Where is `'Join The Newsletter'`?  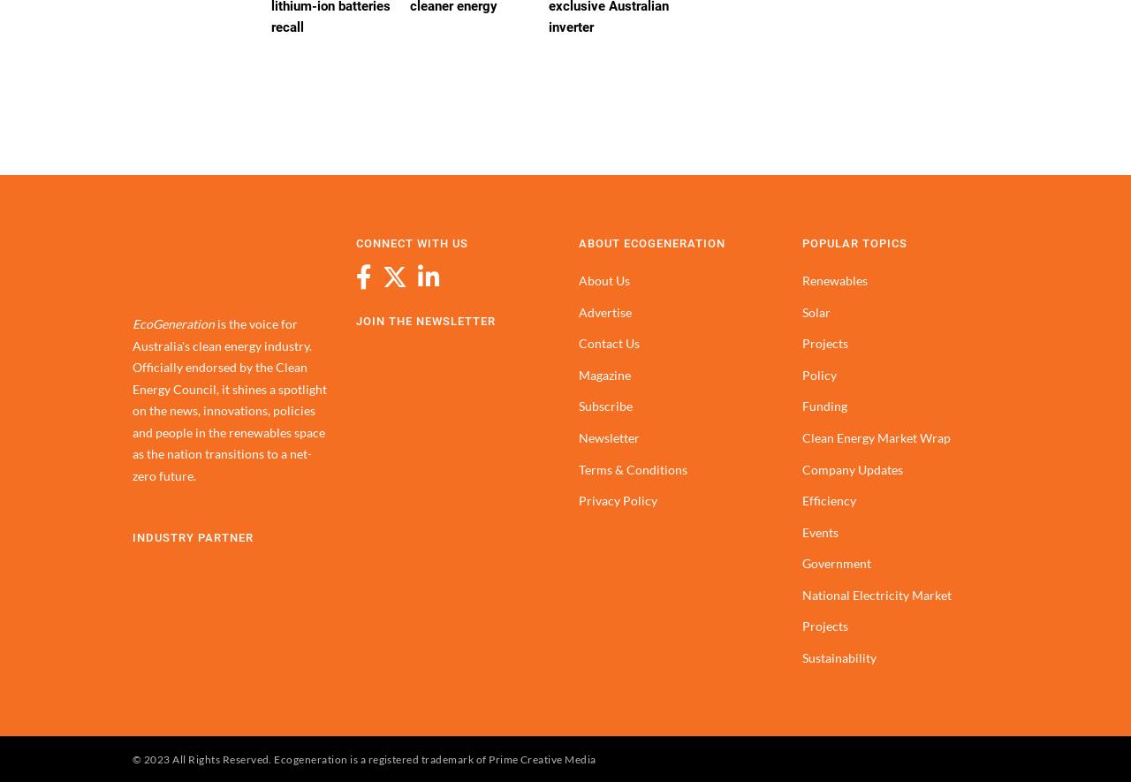
'Join The Newsletter' is located at coordinates (425, 320).